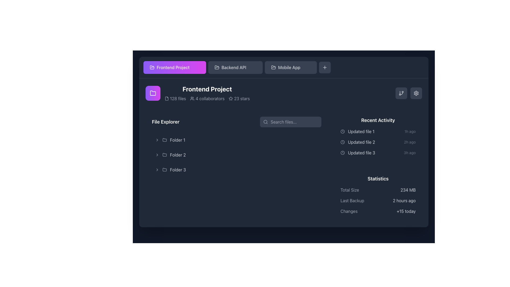 The height and width of the screenshot is (287, 510). I want to click on the circular outline of the clock icon in the recent activities section to emphasize the timestamps, so click(343, 142).